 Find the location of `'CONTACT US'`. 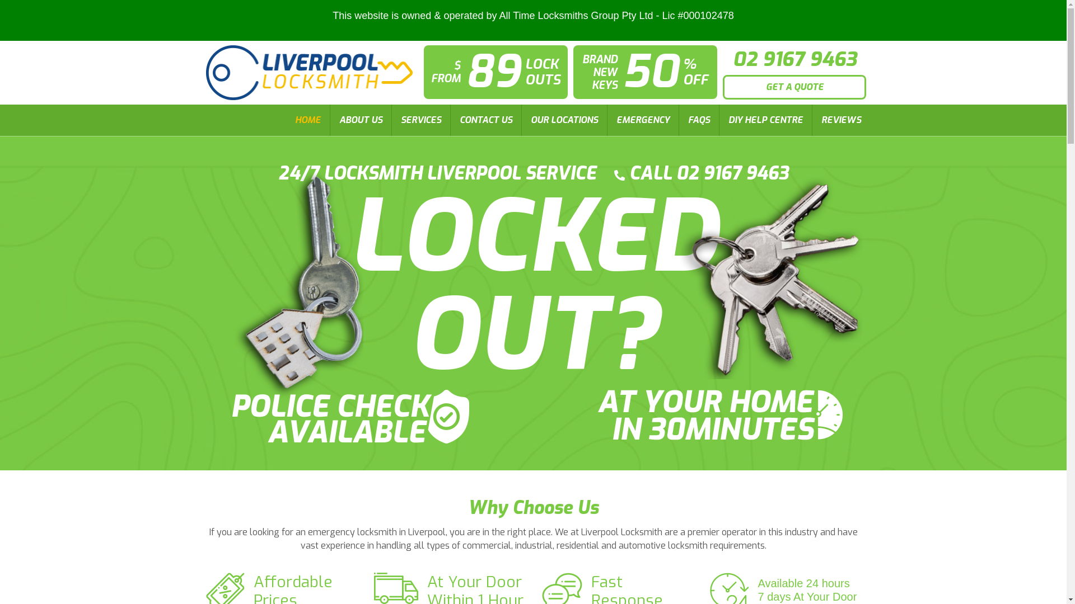

'CONTACT US' is located at coordinates (485, 120).